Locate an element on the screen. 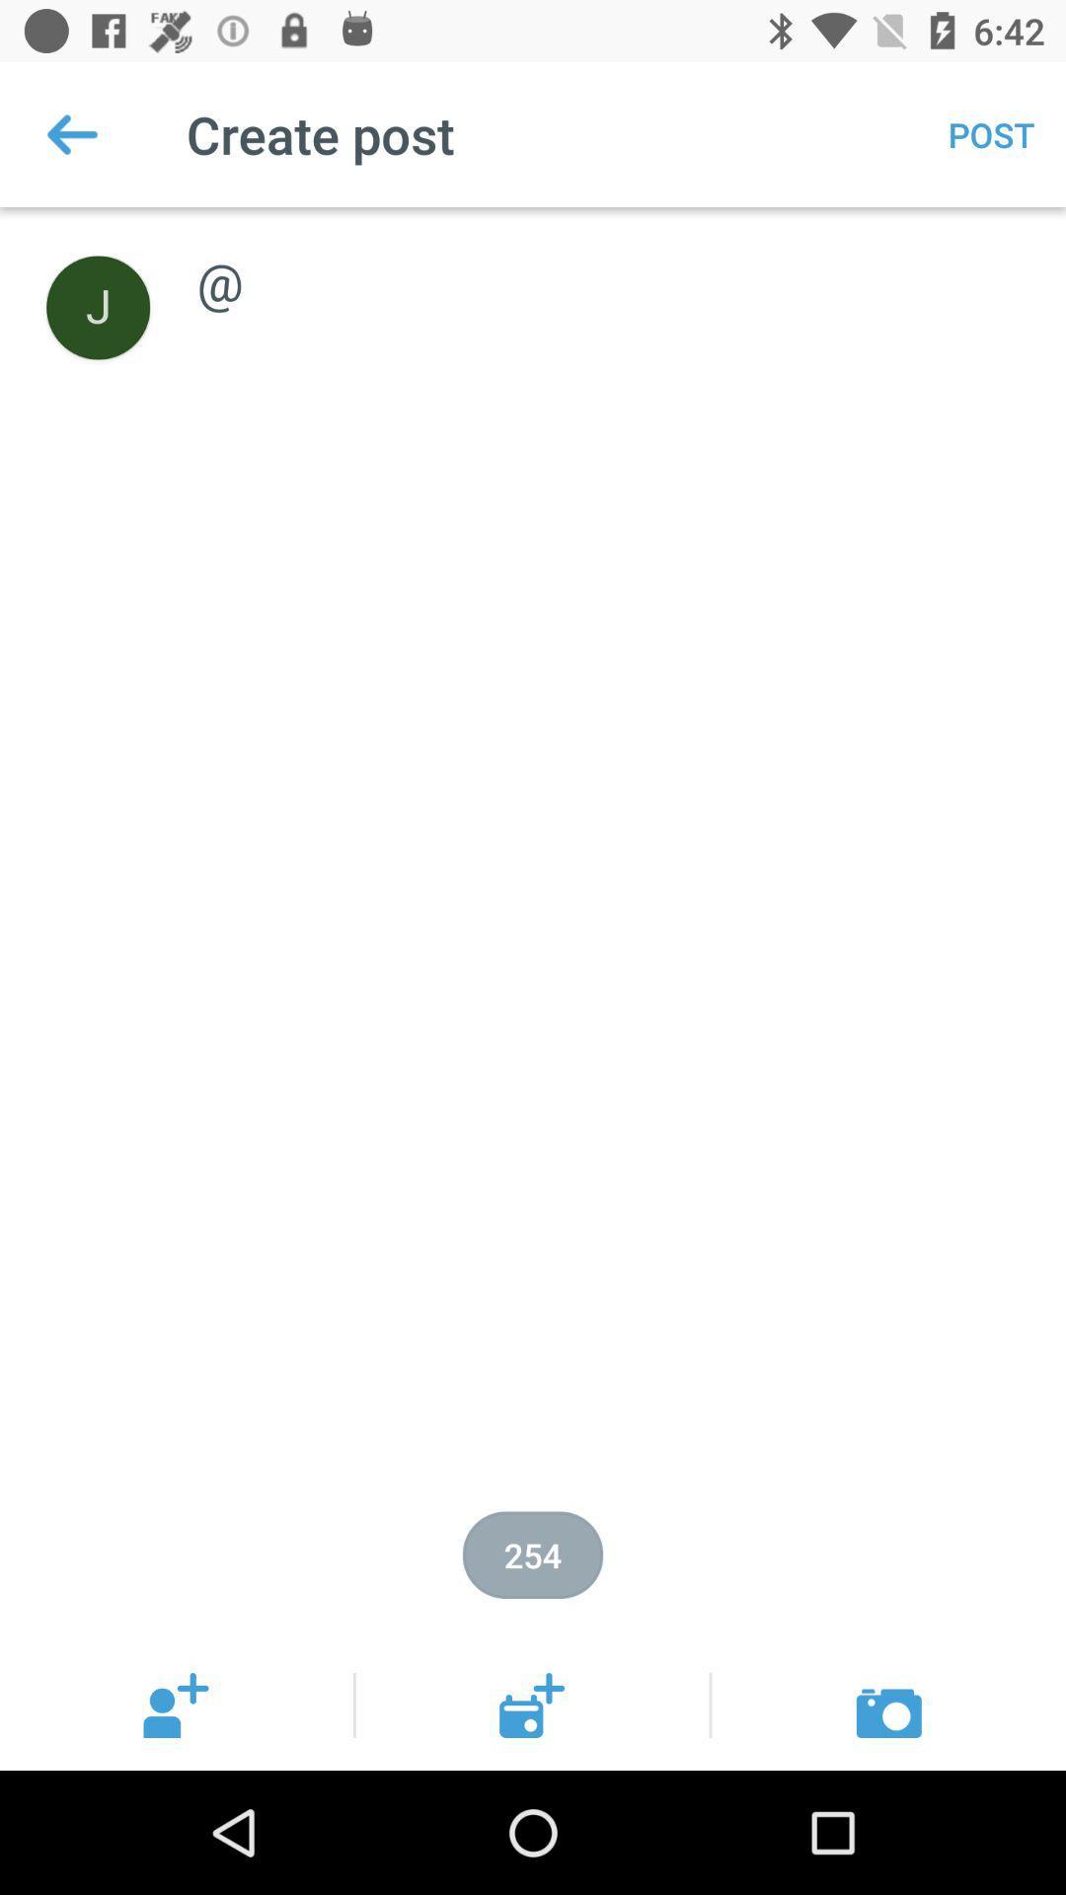 The height and width of the screenshot is (1895, 1066). icon above 254 item is located at coordinates (609, 260).